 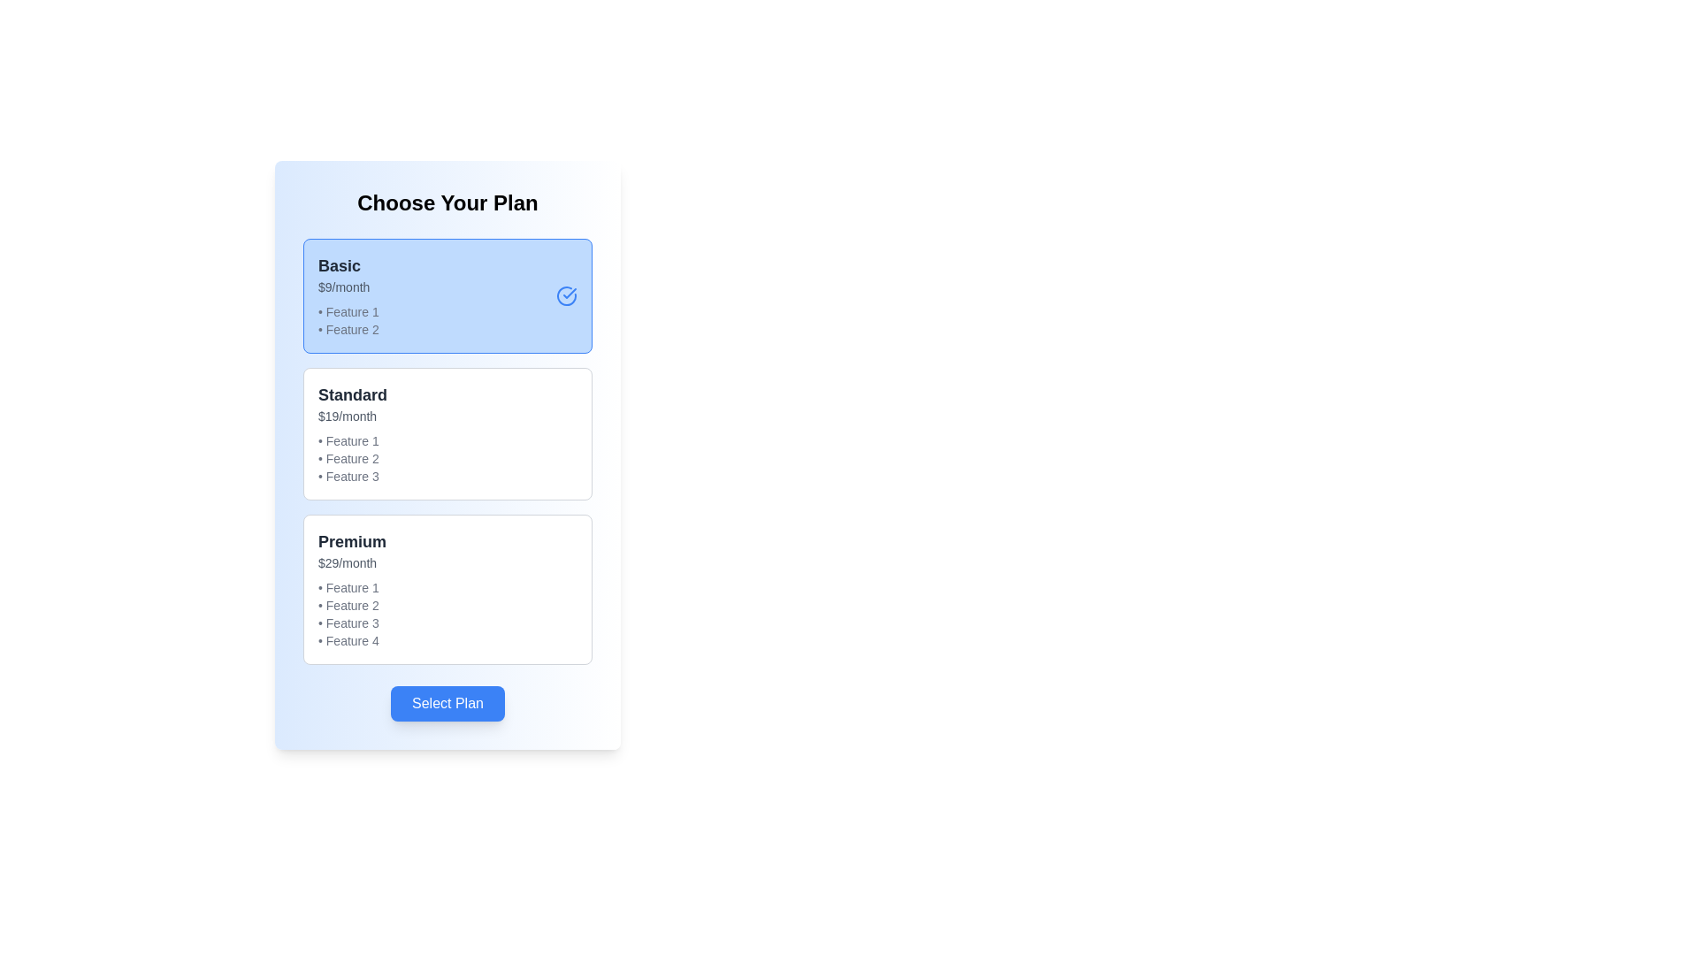 I want to click on the rounded rectangular button with a blue background and white text that reads 'Select Plan', so click(x=447, y=702).